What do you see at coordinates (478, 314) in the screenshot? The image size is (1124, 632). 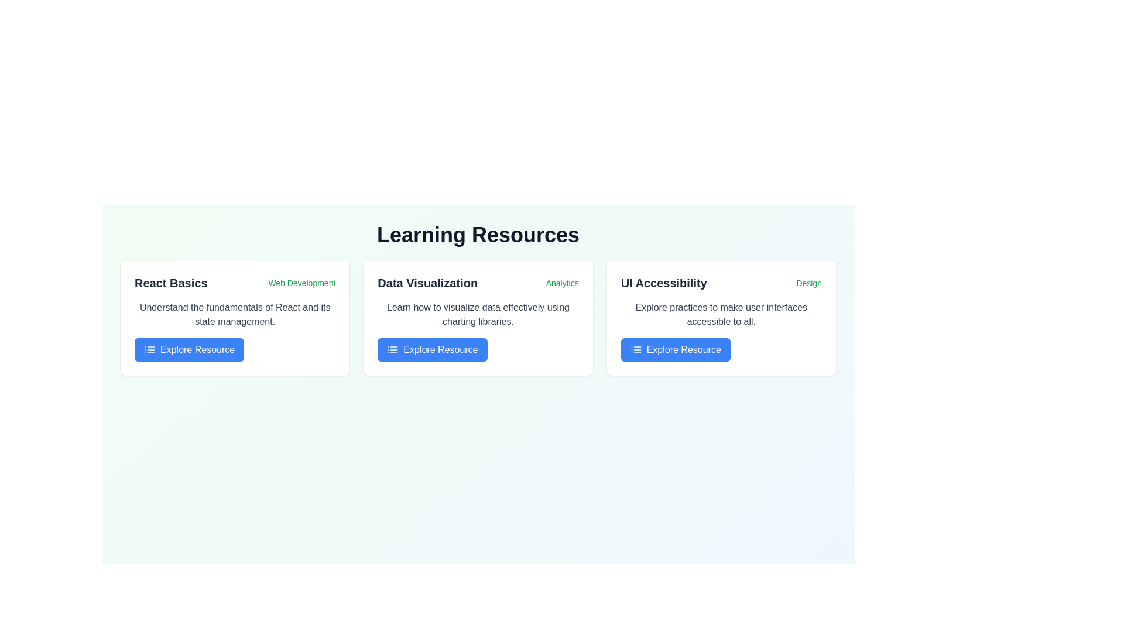 I see `descriptive text displayed in gray color that contains the phrase 'Learn how to visualize data effectively using charting libraries.' This text is part of the 'Data Visualization' card, situated under the heading and above the 'Explore Resource' button` at bounding box center [478, 314].